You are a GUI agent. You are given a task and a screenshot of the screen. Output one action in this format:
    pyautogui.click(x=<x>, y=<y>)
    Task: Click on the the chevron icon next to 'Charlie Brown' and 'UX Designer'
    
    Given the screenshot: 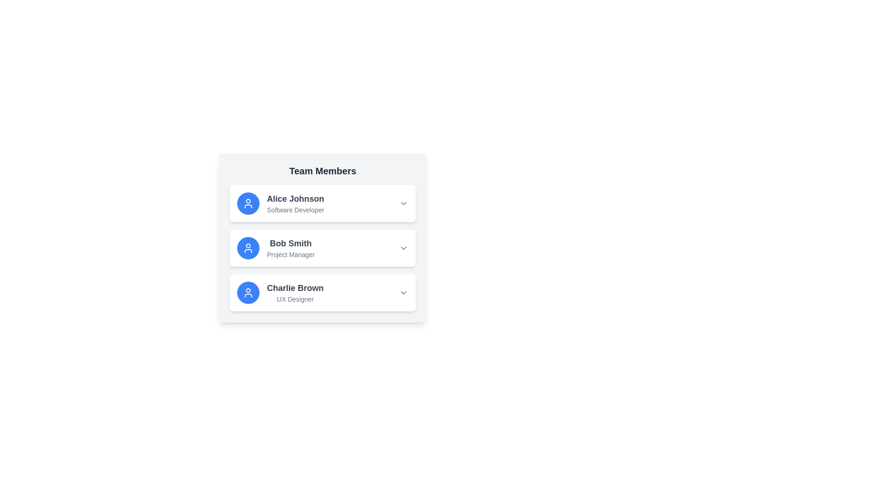 What is the action you would take?
    pyautogui.click(x=404, y=292)
    